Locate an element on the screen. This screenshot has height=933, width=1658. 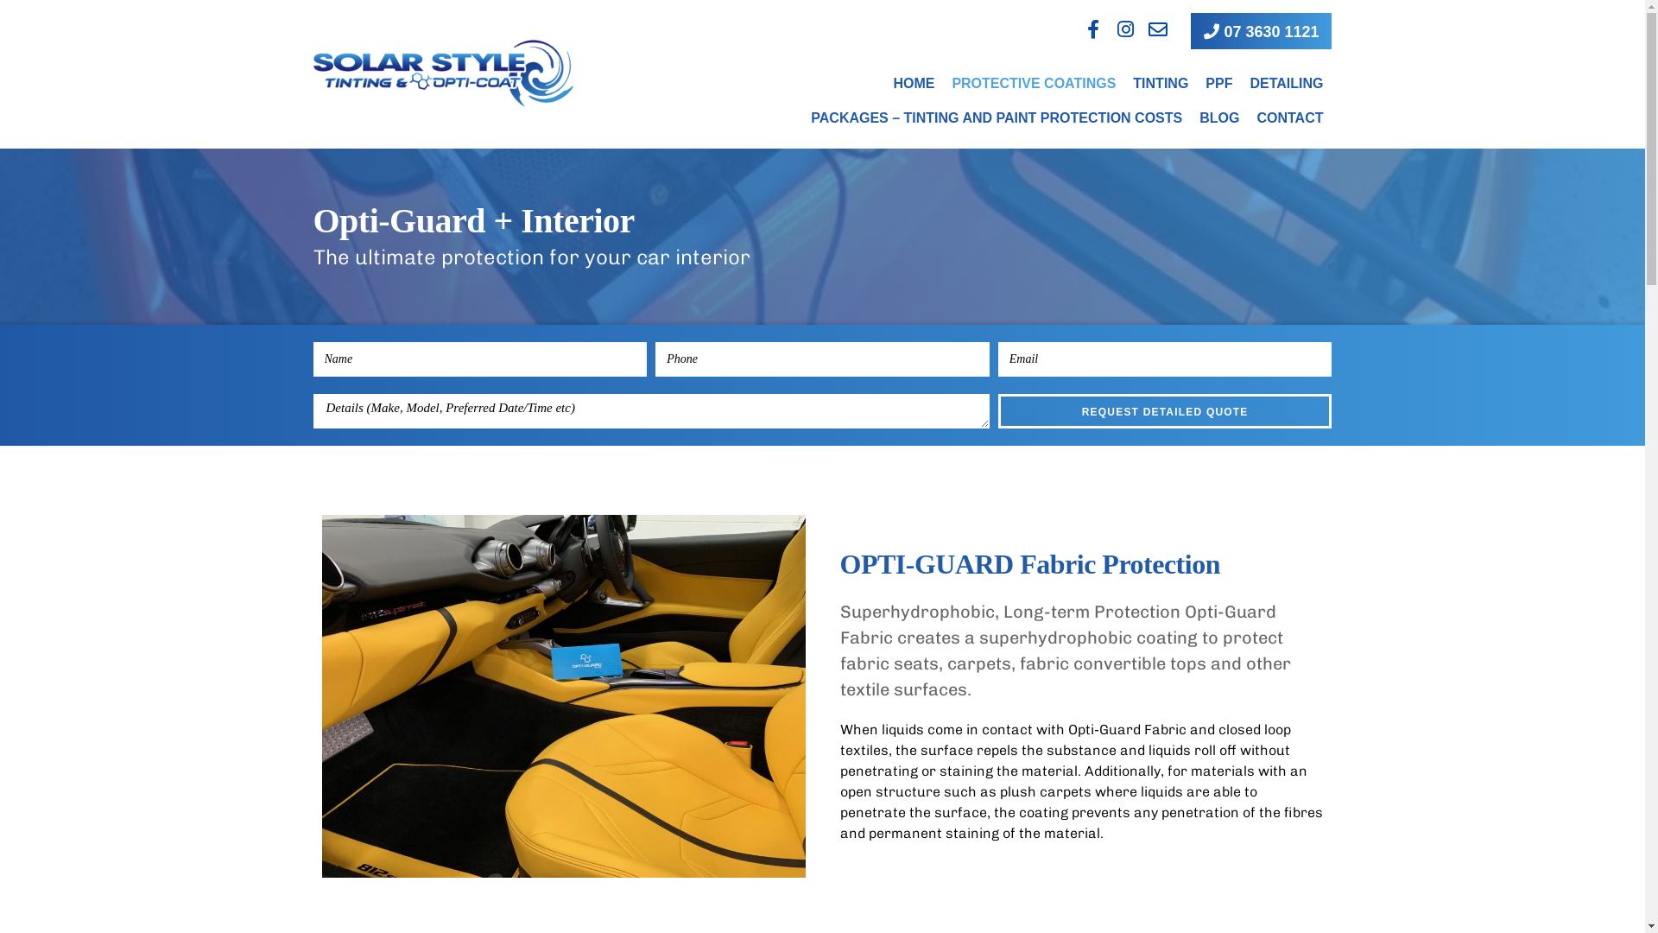
'TINTING' is located at coordinates (1123, 83).